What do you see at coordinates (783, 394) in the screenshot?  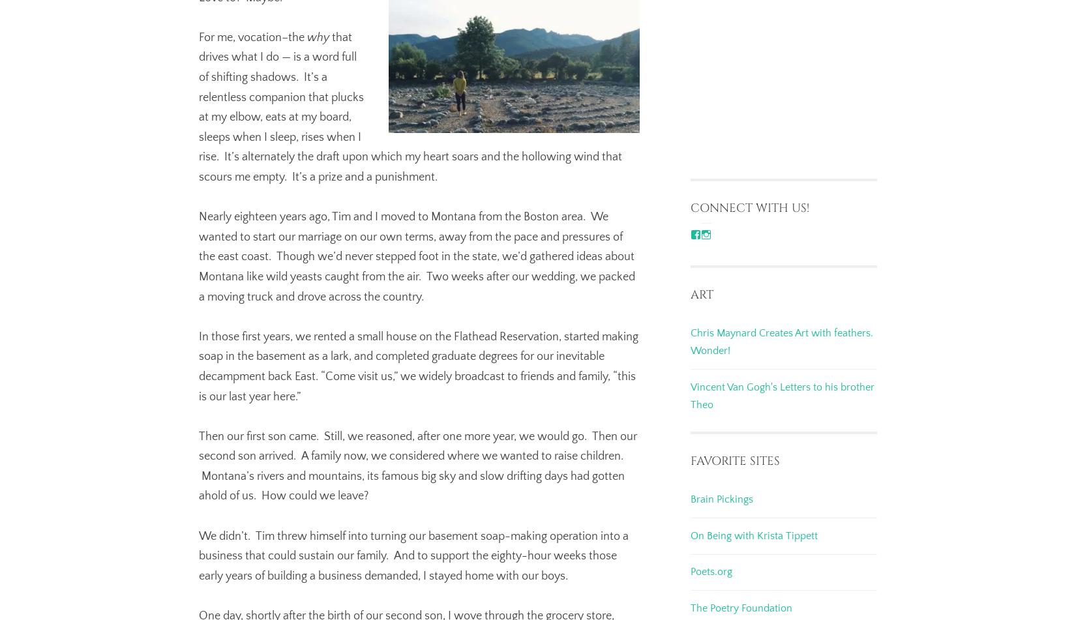 I see `'Vincent Van Gogh's Letters to his brother Theo'` at bounding box center [783, 394].